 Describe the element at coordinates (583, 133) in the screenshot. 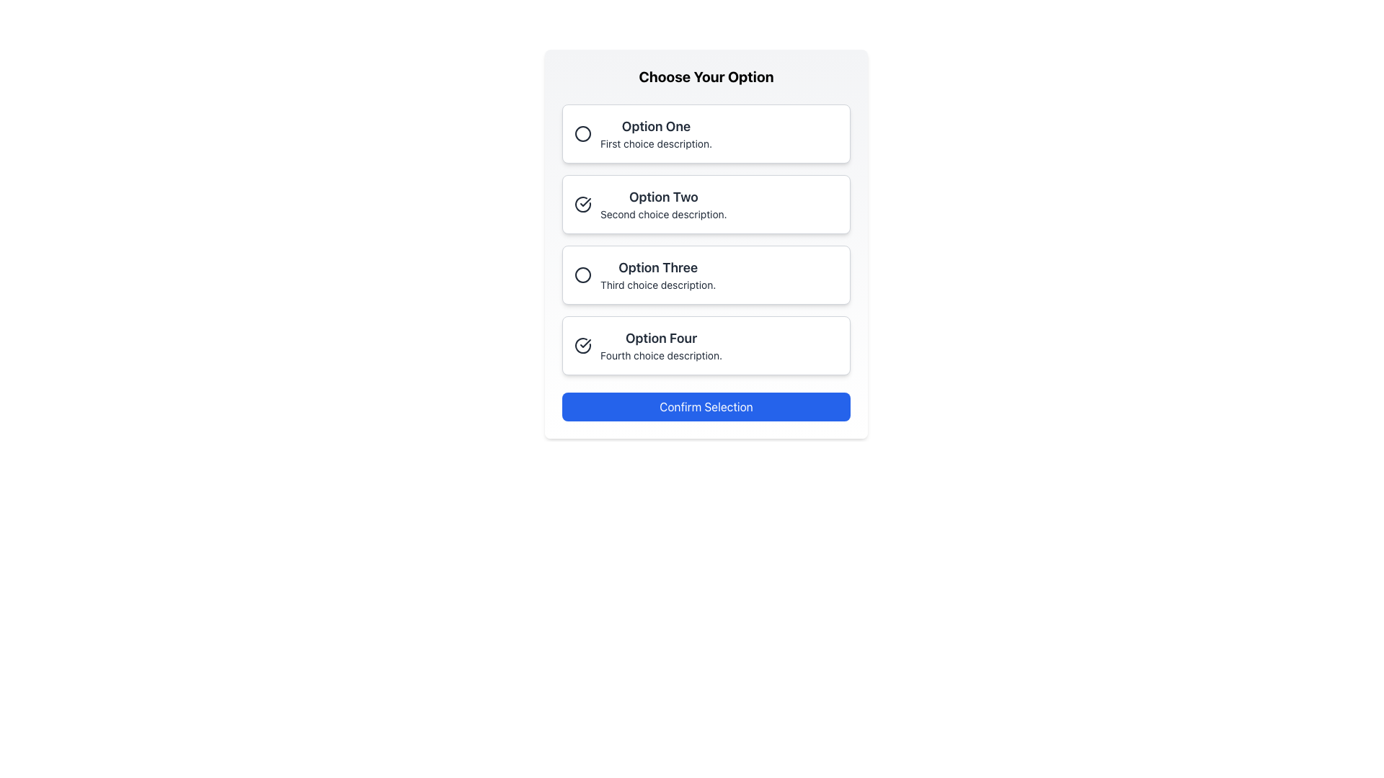

I see `the radio button for 'Option One'` at that location.